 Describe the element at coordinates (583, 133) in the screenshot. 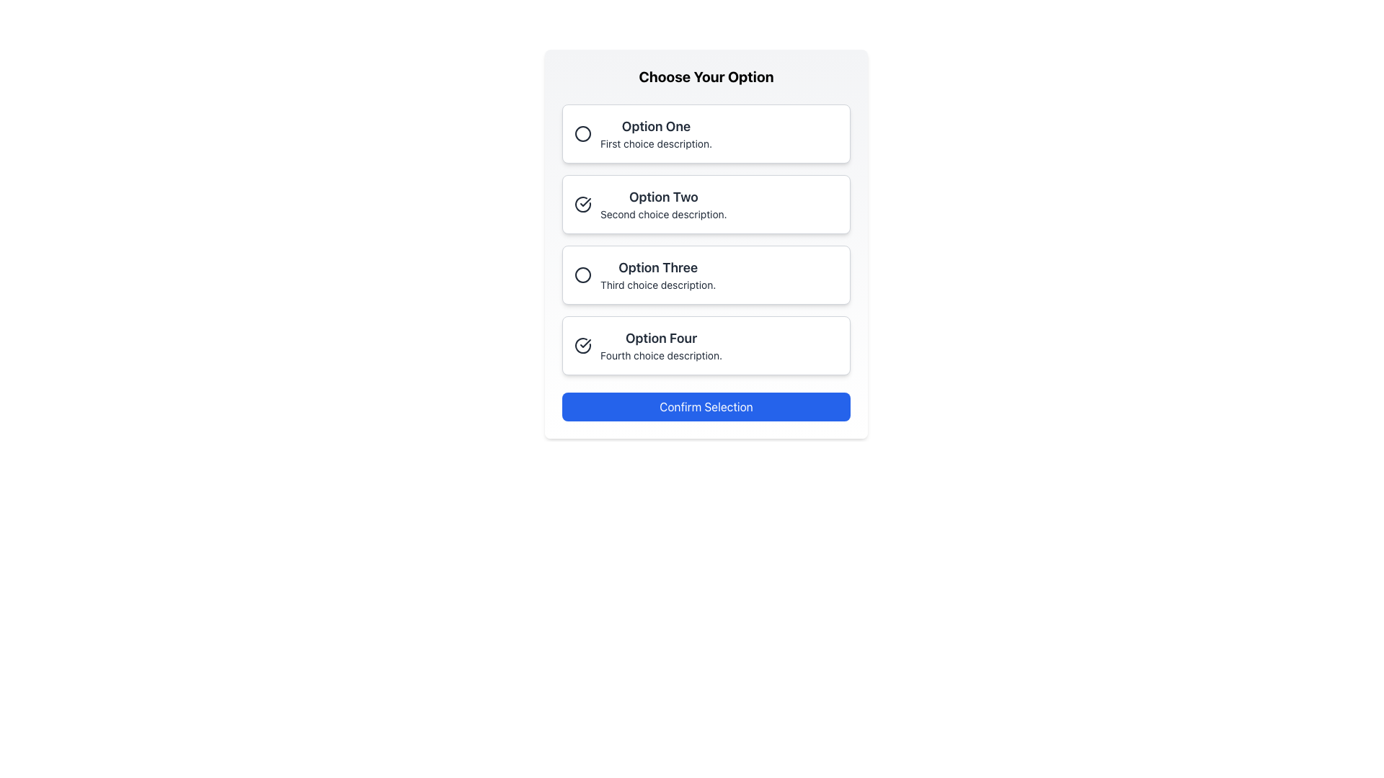

I see `the radio button for 'Option One'` at that location.